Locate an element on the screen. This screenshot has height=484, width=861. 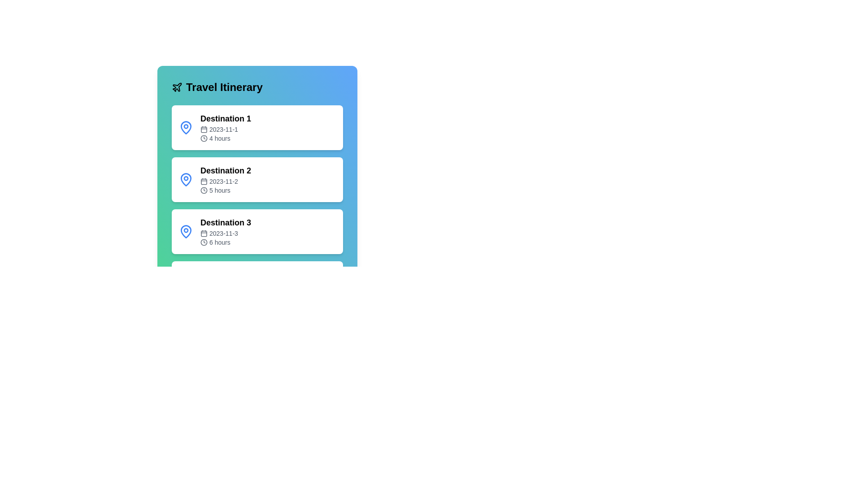
the first card titled 'Destination 1' in the 'Travel Itinerary' section, which displays a date of '2023-11-1' and a duration of '4 hours' is located at coordinates (257, 128).